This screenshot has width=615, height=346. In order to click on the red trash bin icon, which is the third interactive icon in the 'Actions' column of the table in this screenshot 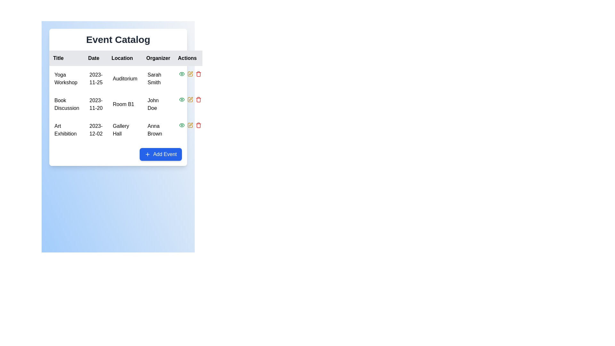, I will do `click(198, 74)`.